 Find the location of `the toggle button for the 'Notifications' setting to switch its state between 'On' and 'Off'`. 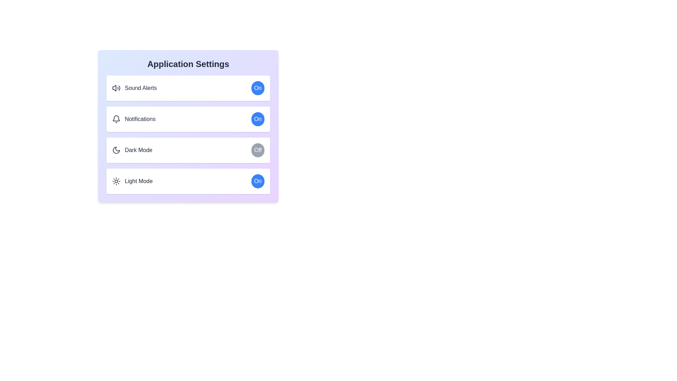

the toggle button for the 'Notifications' setting to switch its state between 'On' and 'Off' is located at coordinates (257, 119).